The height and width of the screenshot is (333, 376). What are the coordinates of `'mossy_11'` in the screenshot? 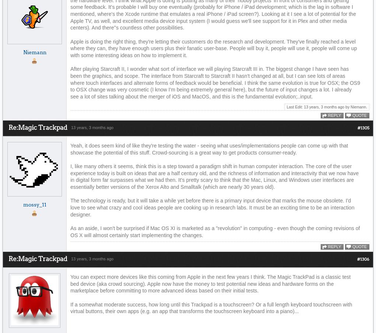 It's located at (34, 204).